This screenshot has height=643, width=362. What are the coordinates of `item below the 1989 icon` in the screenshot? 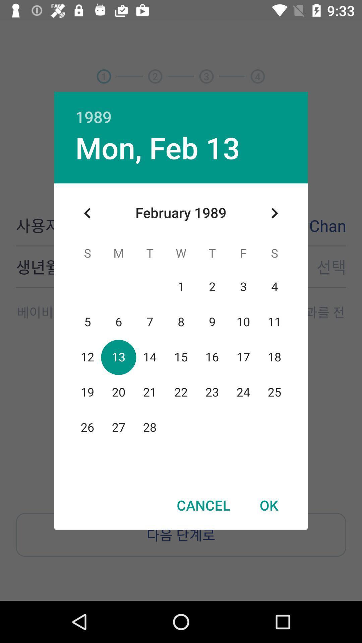 It's located at (158, 147).